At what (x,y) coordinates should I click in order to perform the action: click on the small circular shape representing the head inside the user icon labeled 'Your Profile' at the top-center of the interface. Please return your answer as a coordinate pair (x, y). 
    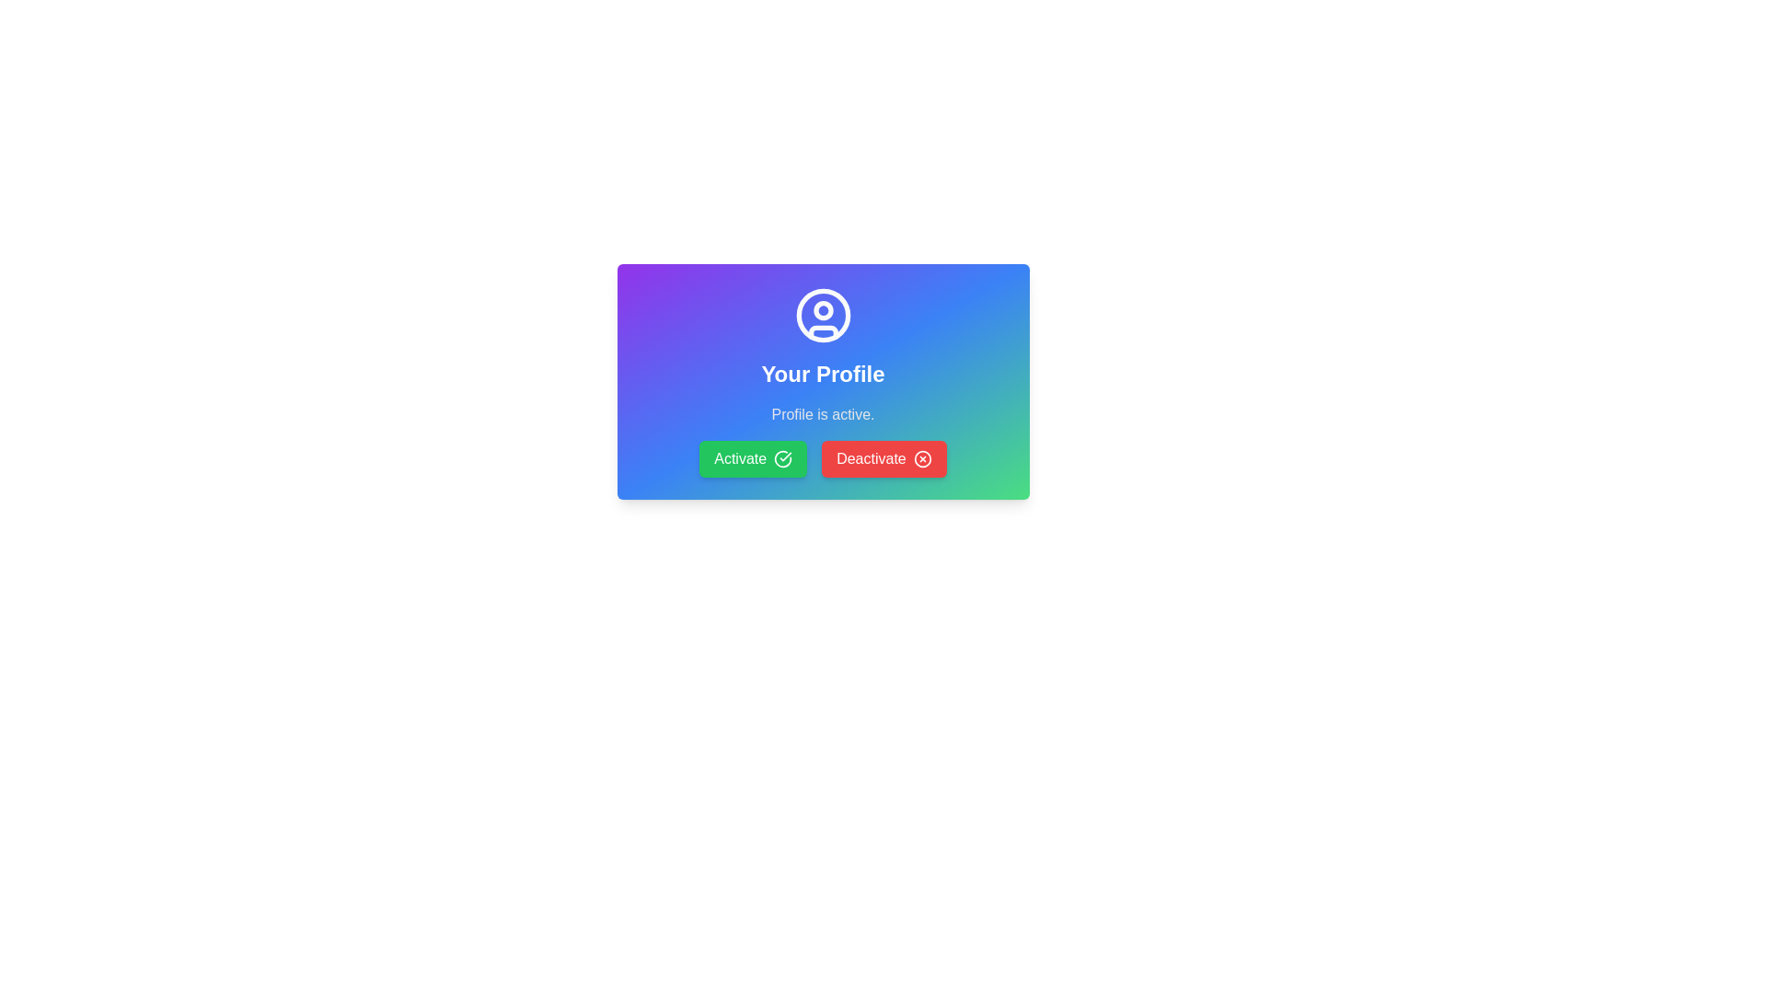
    Looking at the image, I should click on (822, 309).